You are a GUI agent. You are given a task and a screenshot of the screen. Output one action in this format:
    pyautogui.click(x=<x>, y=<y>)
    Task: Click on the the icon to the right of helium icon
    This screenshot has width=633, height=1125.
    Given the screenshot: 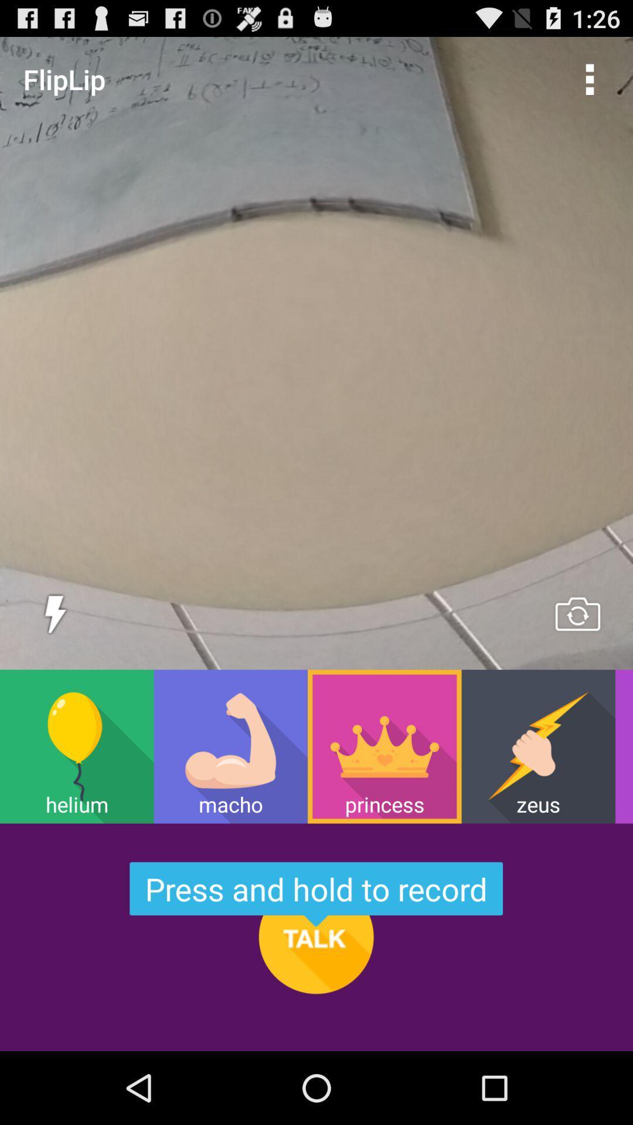 What is the action you would take?
    pyautogui.click(x=230, y=746)
    